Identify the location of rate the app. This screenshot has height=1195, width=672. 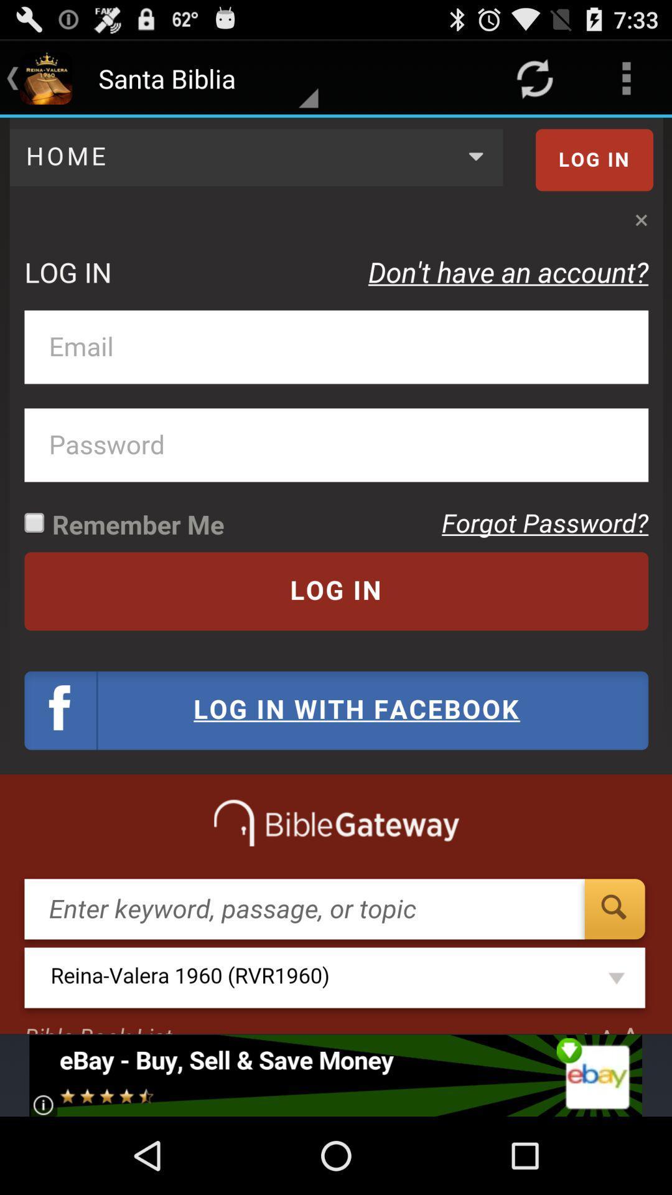
(335, 1075).